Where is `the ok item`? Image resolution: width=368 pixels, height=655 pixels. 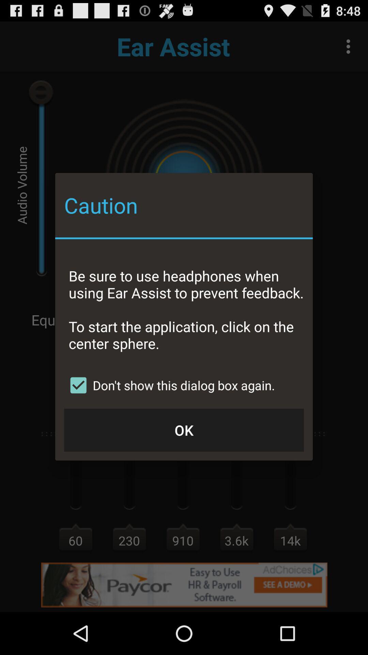 the ok item is located at coordinates (184, 430).